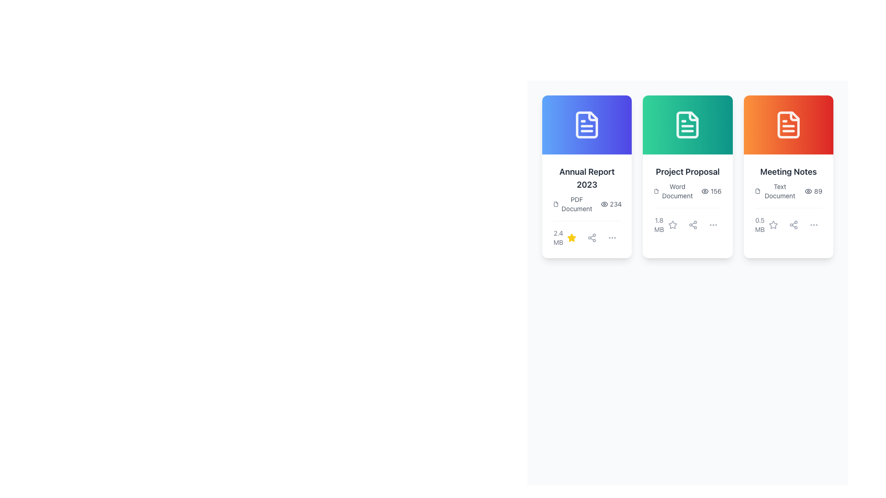 Image resolution: width=886 pixels, height=498 pixels. Describe the element at coordinates (788, 172) in the screenshot. I see `the 'Meeting Notes' text label, which is styled in bold, dark gray font and is positioned below an orange icon on the last card of a horizontal list` at that location.